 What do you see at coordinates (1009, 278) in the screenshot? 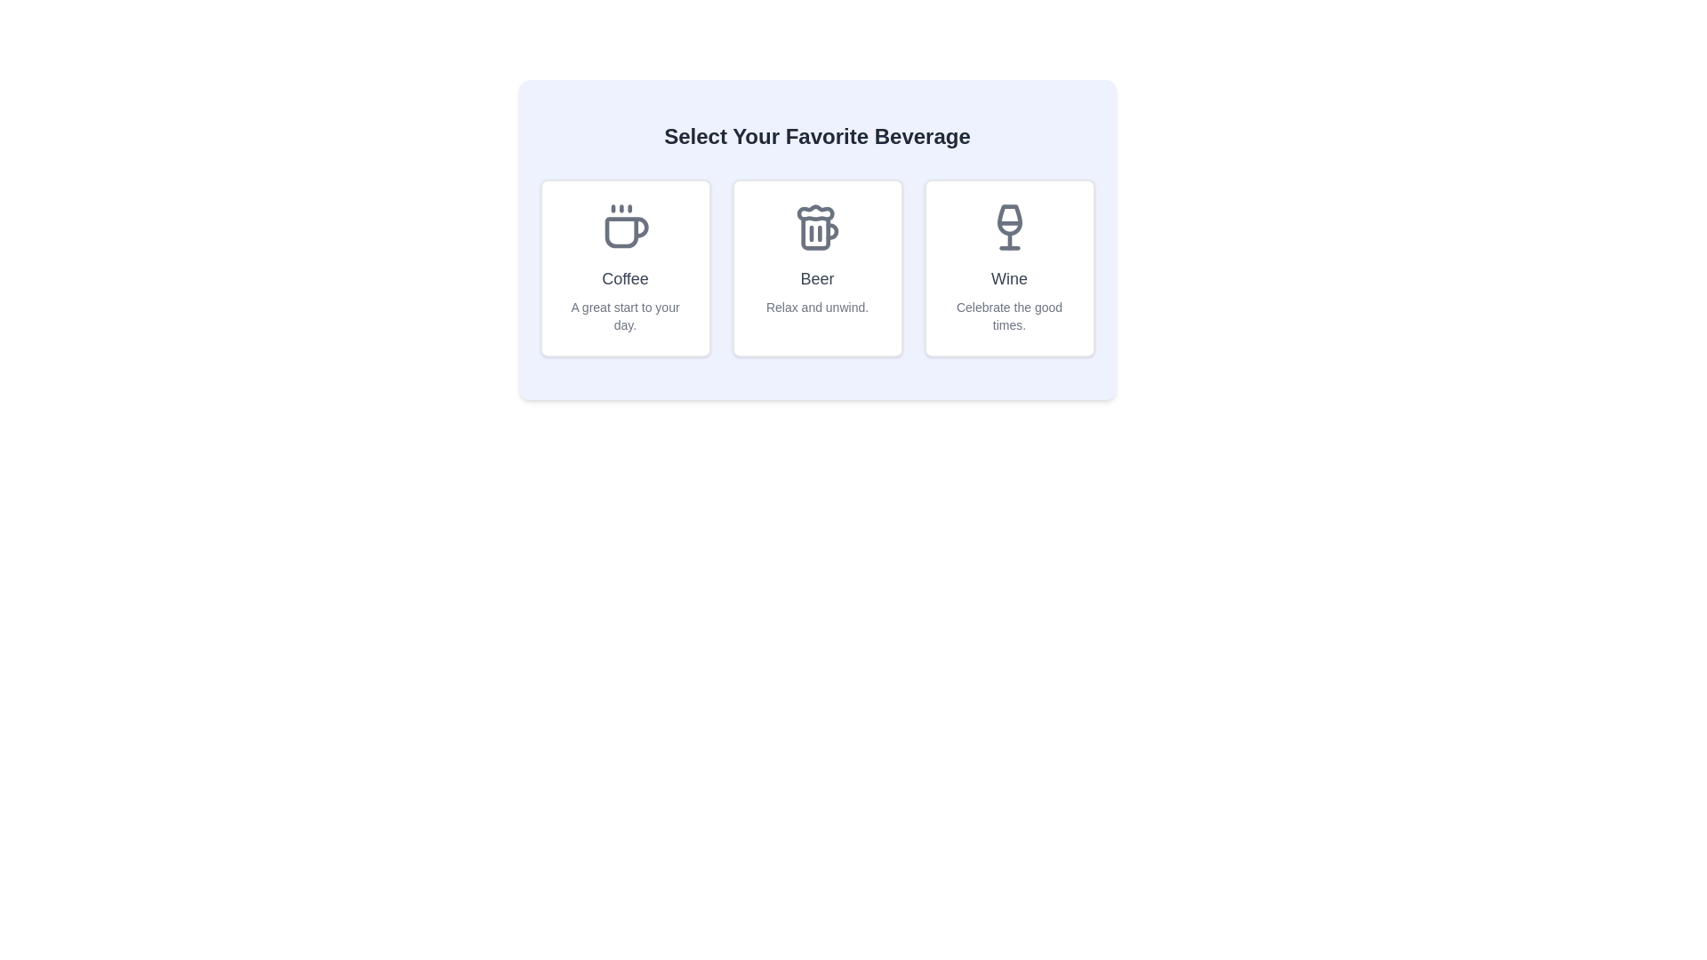
I see `the text label reading 'Wine', which is styled with a large font-size and positioned within a card layout, located beneath a wine glass icon` at bounding box center [1009, 278].